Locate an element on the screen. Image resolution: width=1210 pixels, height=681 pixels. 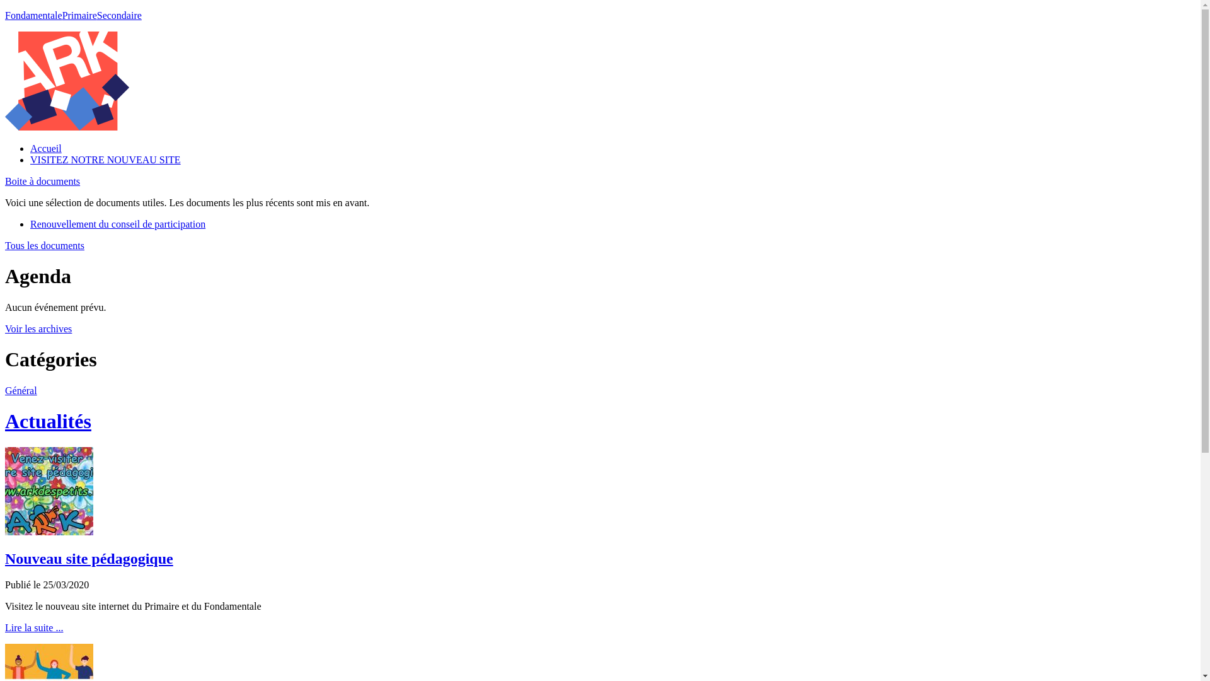
'Tous les documents' is located at coordinates (45, 245).